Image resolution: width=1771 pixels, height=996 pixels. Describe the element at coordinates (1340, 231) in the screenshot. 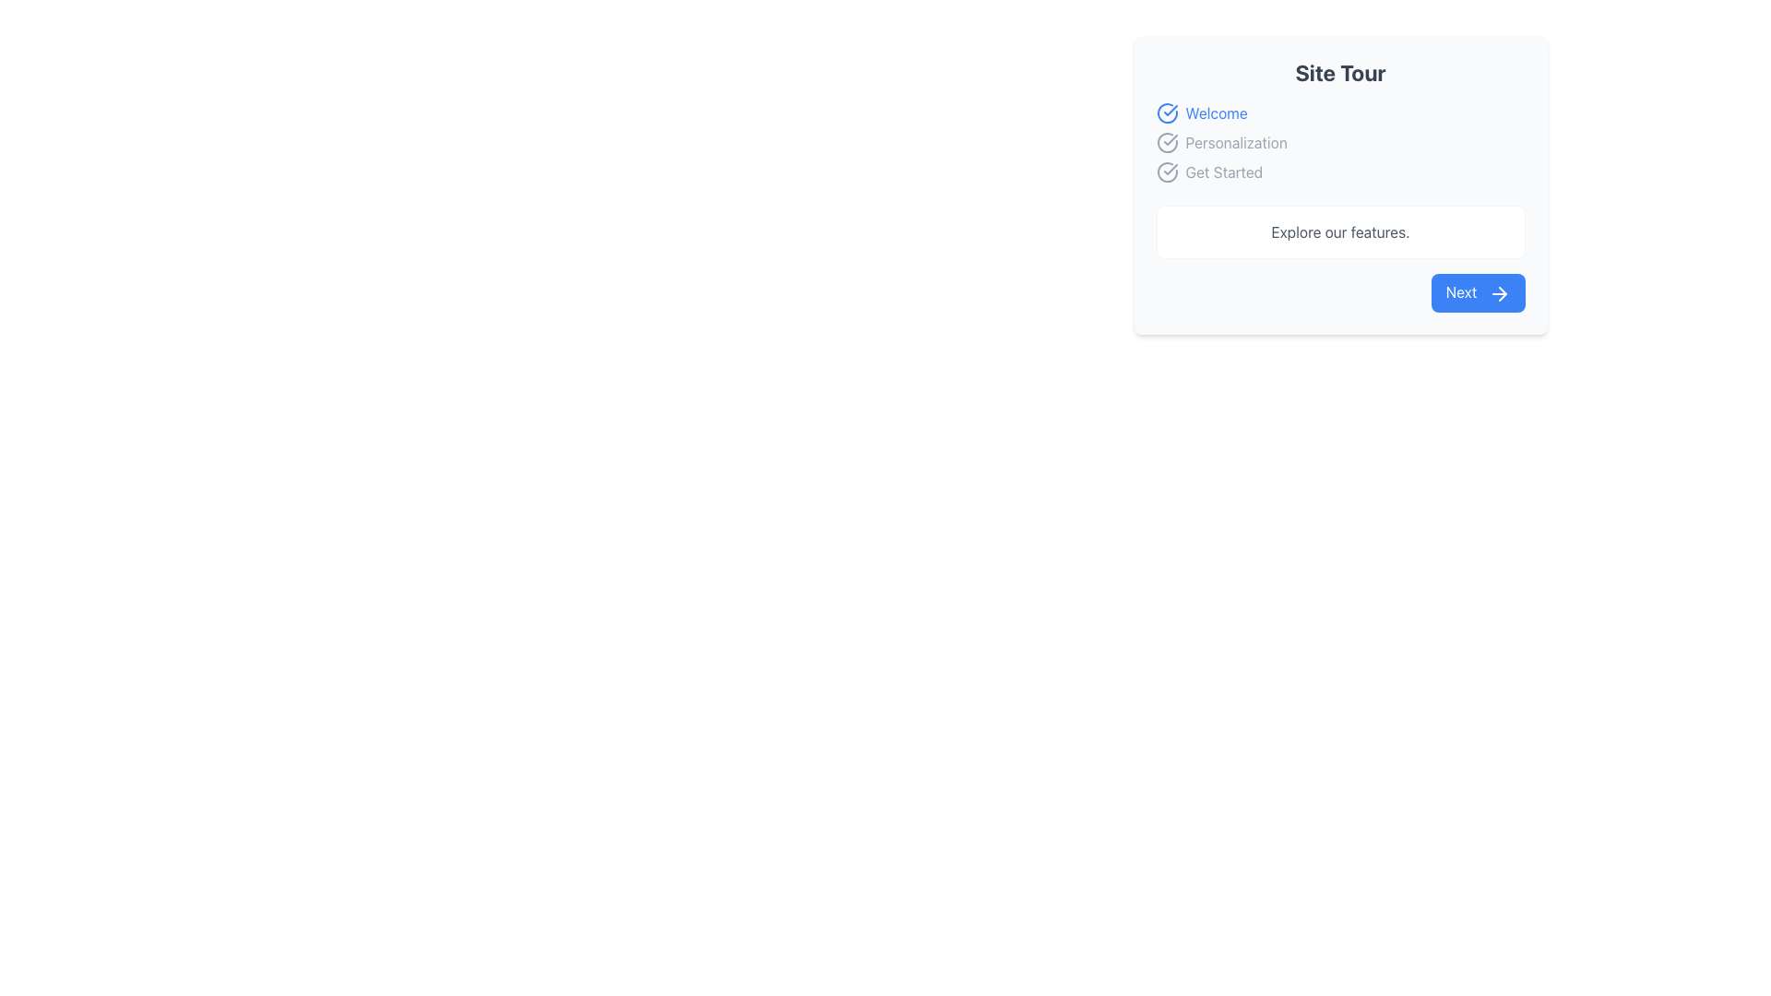

I see `the static informational text box that reads 'Explore our features.' with a grey font, located below the checklist items and above the 'Next' button in the 'Site Tour' section` at that location.